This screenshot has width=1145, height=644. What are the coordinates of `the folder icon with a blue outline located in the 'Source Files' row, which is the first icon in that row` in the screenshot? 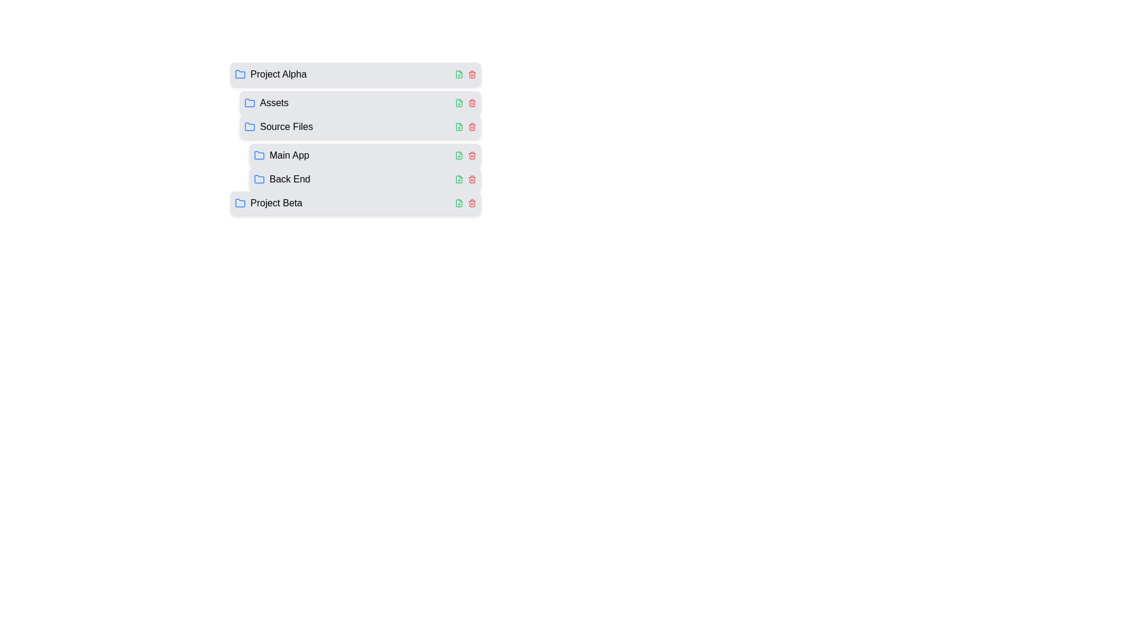 It's located at (249, 126).